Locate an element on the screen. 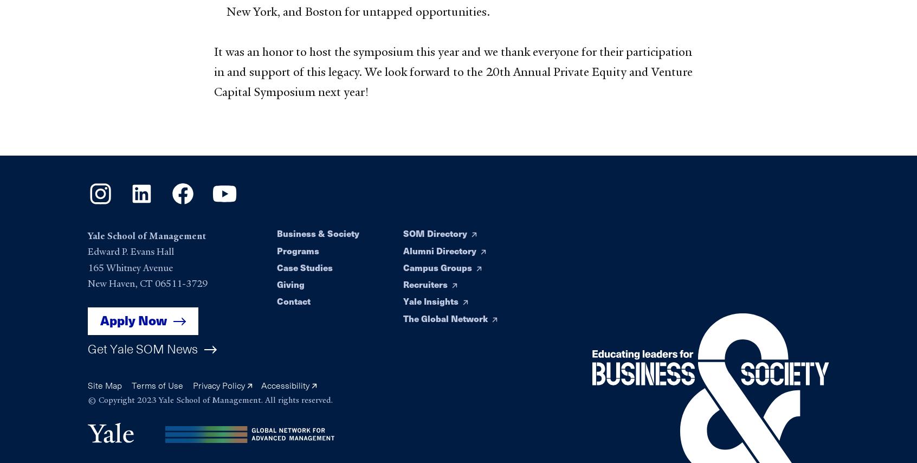 Image resolution: width=917 pixels, height=463 pixels. 'Contact' is located at coordinates (293, 301).